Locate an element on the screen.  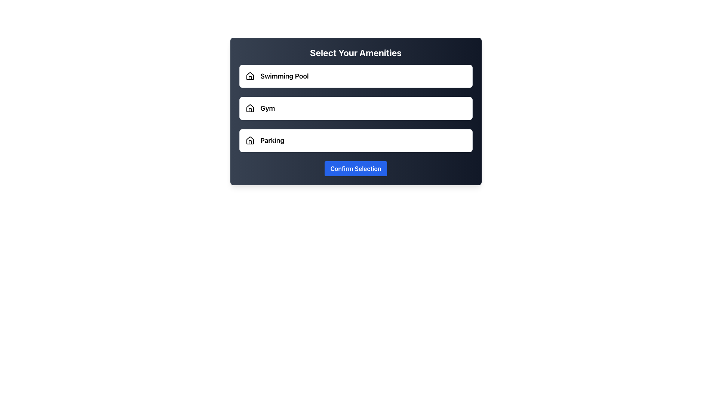
the confirmation button located at the bottom center of the card interface, beneath the options for 'Swimming Pool', 'Gym', and 'Parking', to confirm the selection is located at coordinates (355, 169).